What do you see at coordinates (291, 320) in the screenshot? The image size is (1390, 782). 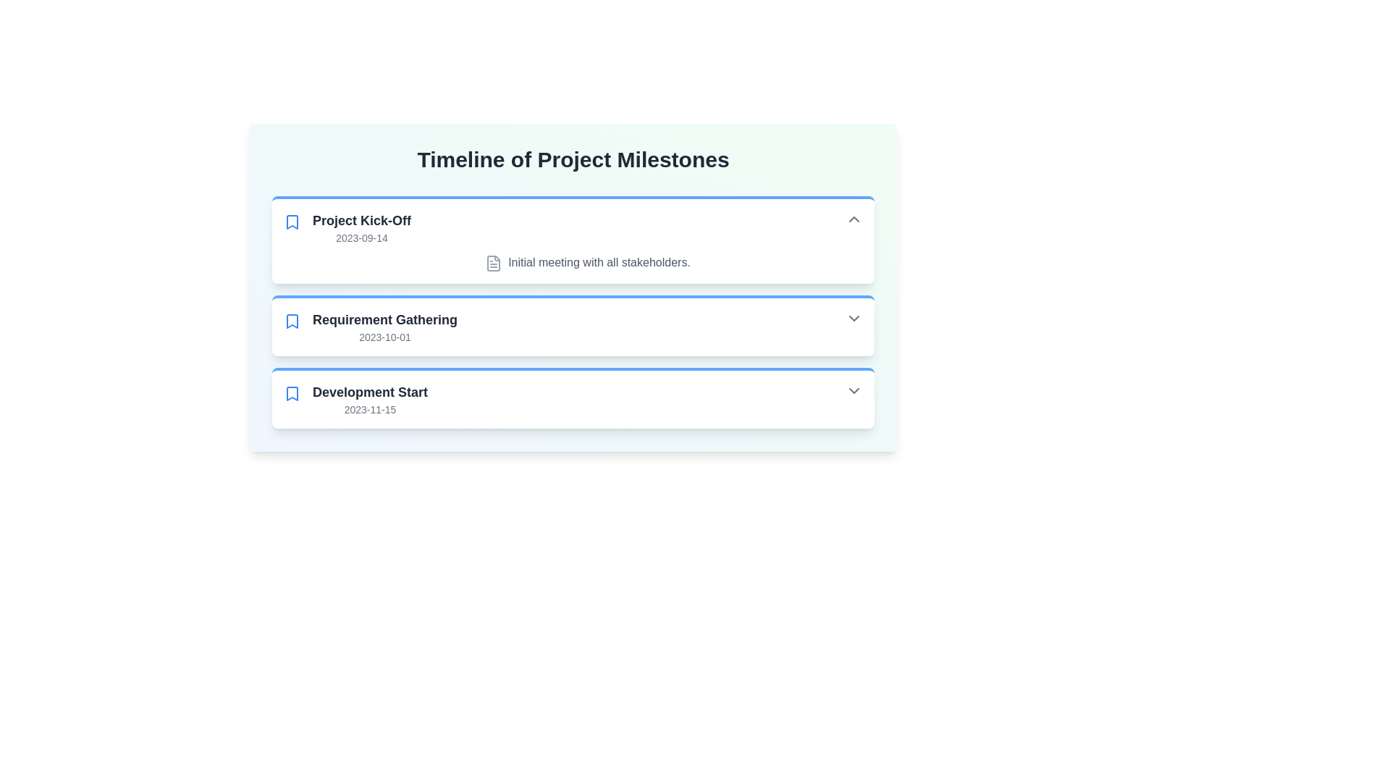 I see `the bookmarking icon located in the second milestone card of the timeline, positioned to the left of the 'Requirement Gathering' label and above the date (2023-10-01)` at bounding box center [291, 320].